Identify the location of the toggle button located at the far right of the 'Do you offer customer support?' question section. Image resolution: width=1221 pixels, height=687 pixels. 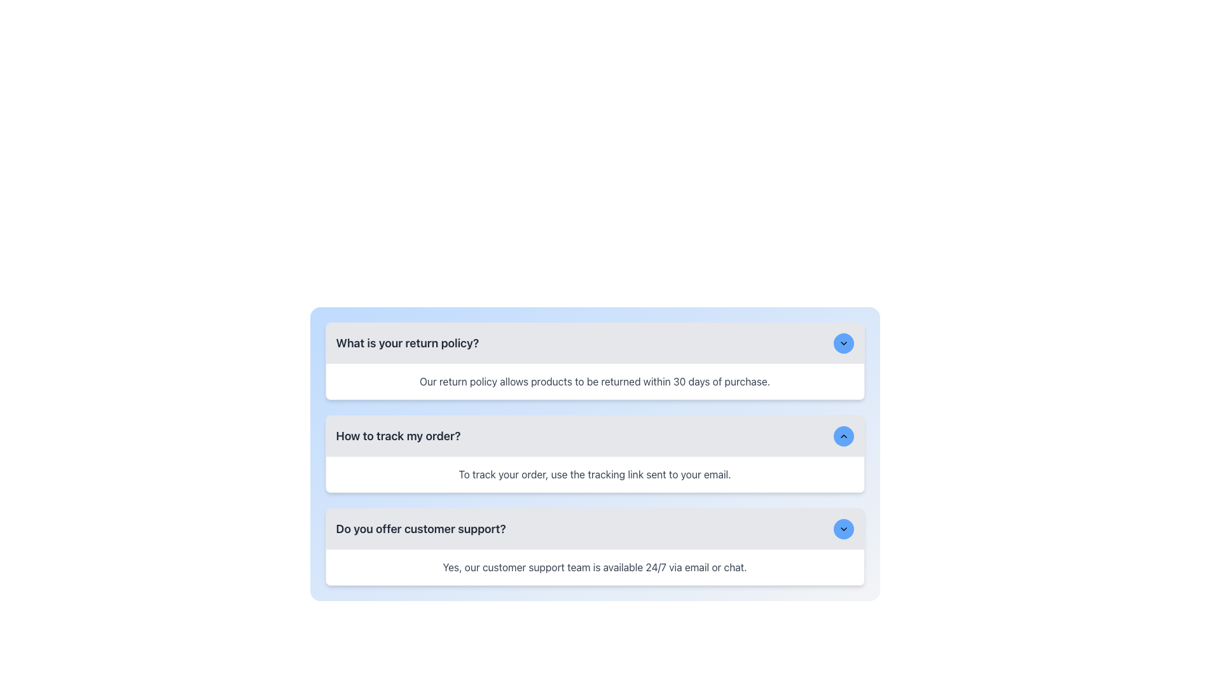
(843, 529).